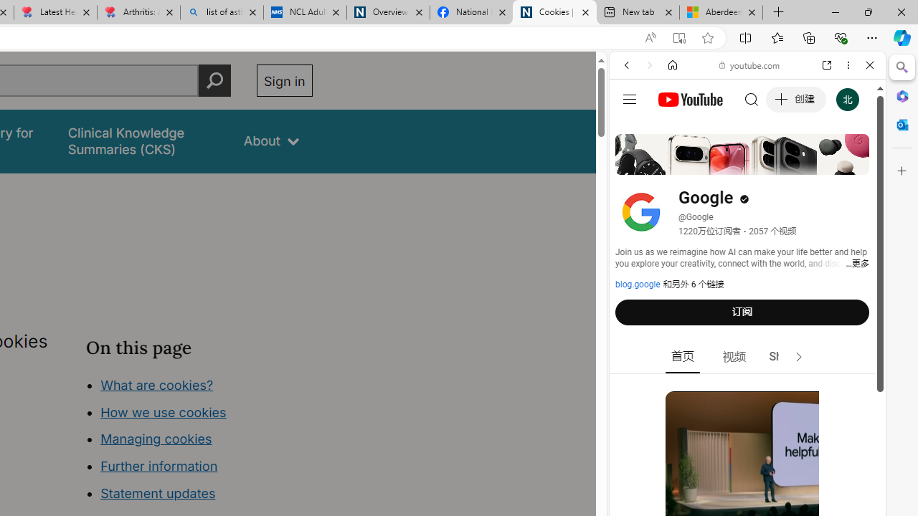 The width and height of the screenshot is (918, 516). I want to click on 'youtube.com', so click(749, 65).